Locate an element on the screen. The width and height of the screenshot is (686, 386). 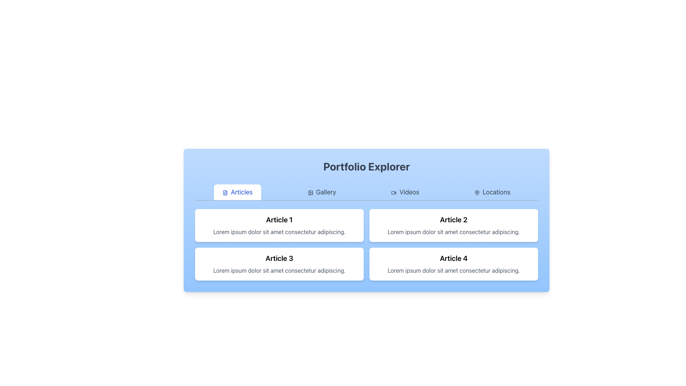
the bold, large-sized text 'Portfolio Explorer' at the top of the card-like section with a gradient background is located at coordinates (367, 167).